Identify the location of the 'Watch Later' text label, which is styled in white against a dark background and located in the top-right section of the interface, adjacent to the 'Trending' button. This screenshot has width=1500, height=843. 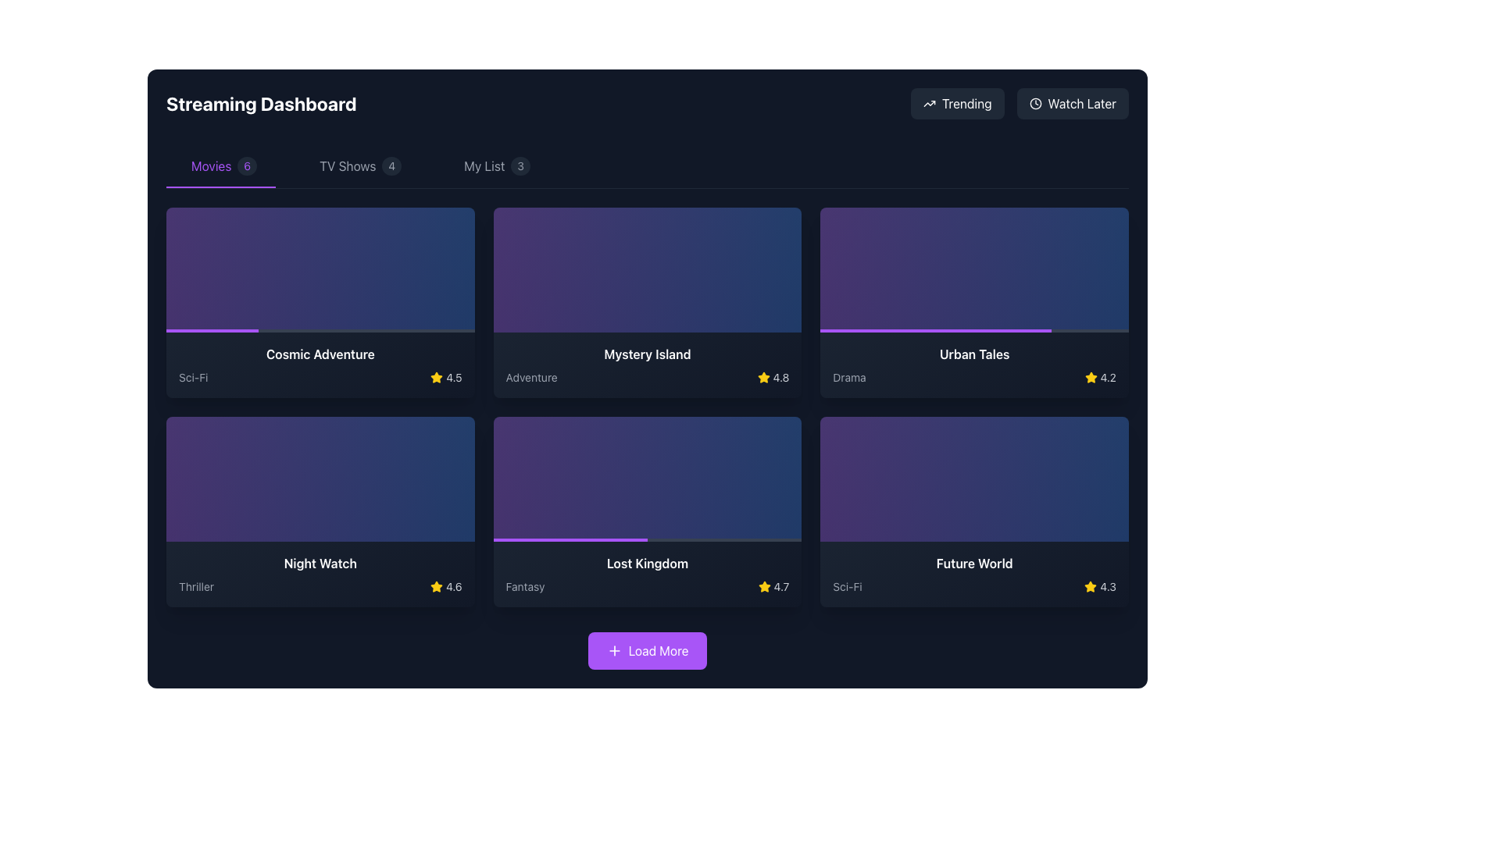
(1081, 103).